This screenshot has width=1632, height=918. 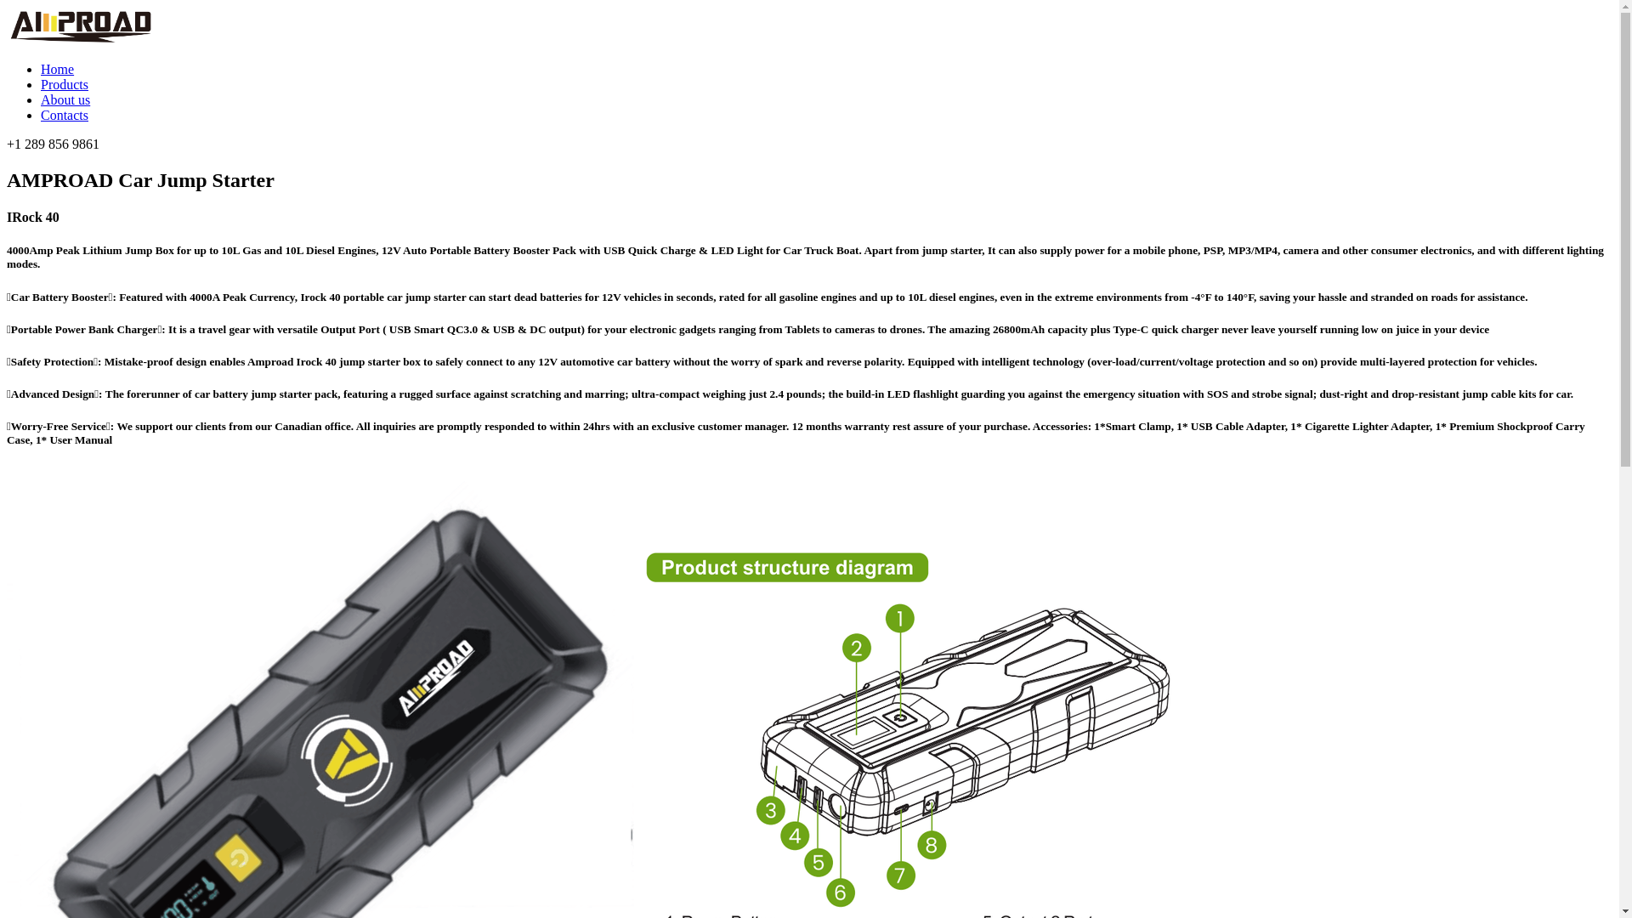 What do you see at coordinates (65, 115) in the screenshot?
I see `'Contacts'` at bounding box center [65, 115].